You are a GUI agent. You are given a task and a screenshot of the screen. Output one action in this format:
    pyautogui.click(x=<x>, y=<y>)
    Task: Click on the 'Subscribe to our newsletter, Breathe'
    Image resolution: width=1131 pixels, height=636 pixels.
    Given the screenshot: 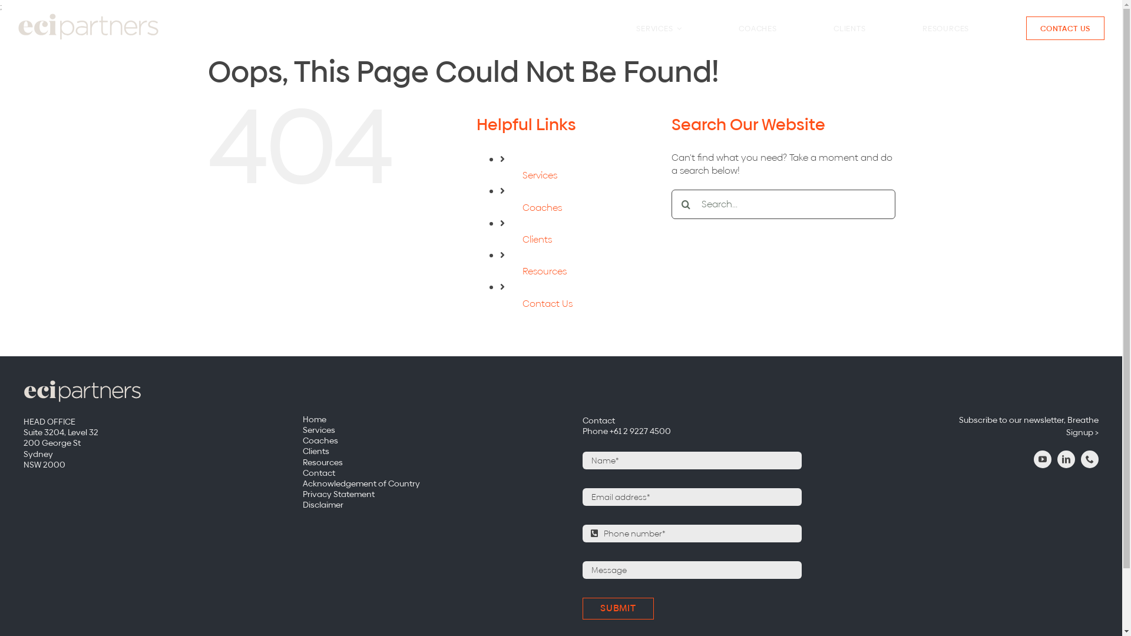 What is the action you would take?
    pyautogui.click(x=980, y=419)
    